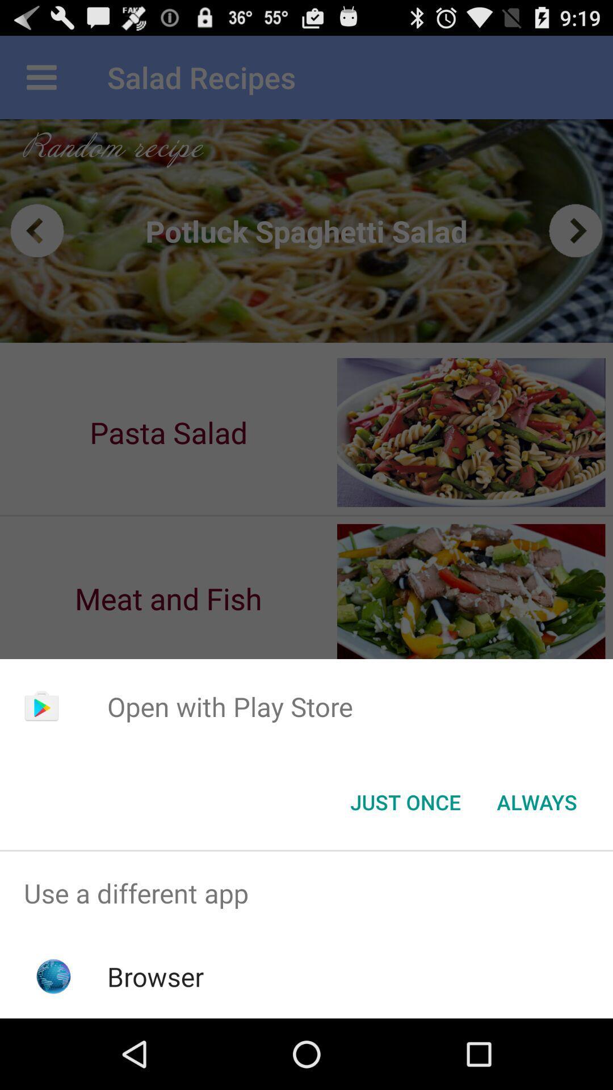 The height and width of the screenshot is (1090, 613). What do you see at coordinates (405, 801) in the screenshot?
I see `the just once` at bounding box center [405, 801].